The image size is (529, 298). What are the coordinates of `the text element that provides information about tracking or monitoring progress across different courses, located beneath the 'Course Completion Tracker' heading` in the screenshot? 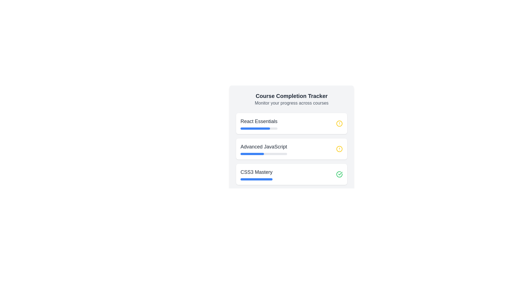 It's located at (291, 103).